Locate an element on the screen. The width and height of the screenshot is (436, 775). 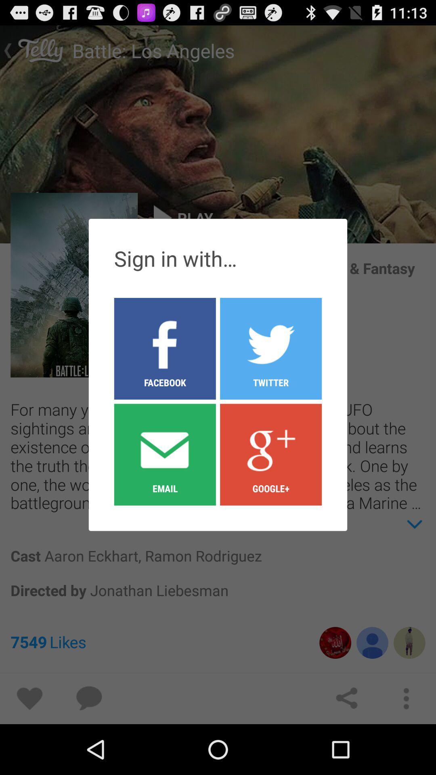
the icon below facebook icon is located at coordinates (164, 454).